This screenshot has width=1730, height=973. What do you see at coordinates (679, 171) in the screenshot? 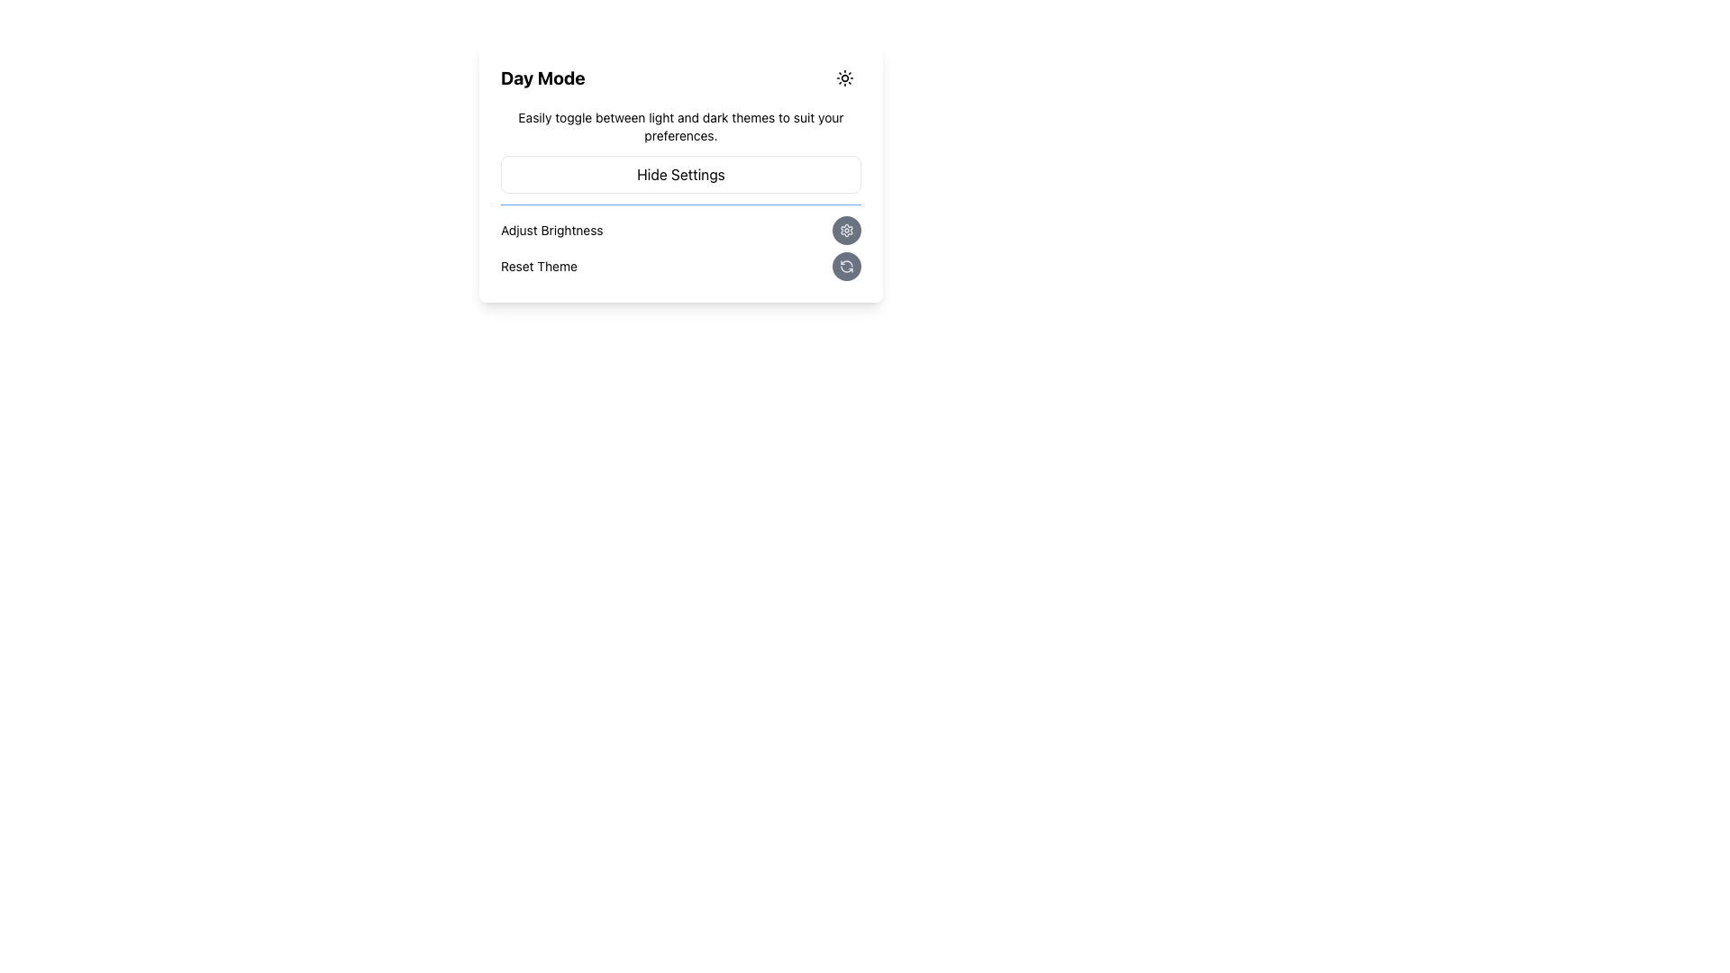
I see `the 'Hide Settings' button` at bounding box center [679, 171].